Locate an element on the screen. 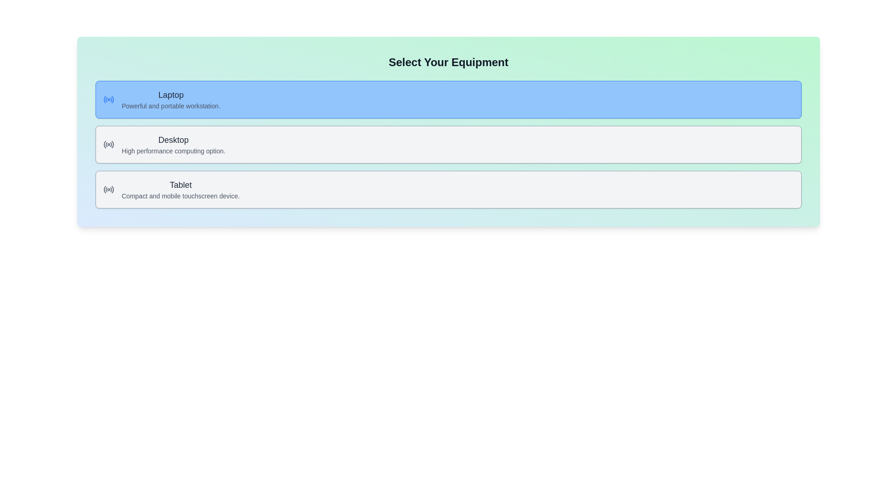  the innermost rightmost arc of the radio signal icon, which is part of a visual selection option next to the 'Laptop' option is located at coordinates (112, 99).